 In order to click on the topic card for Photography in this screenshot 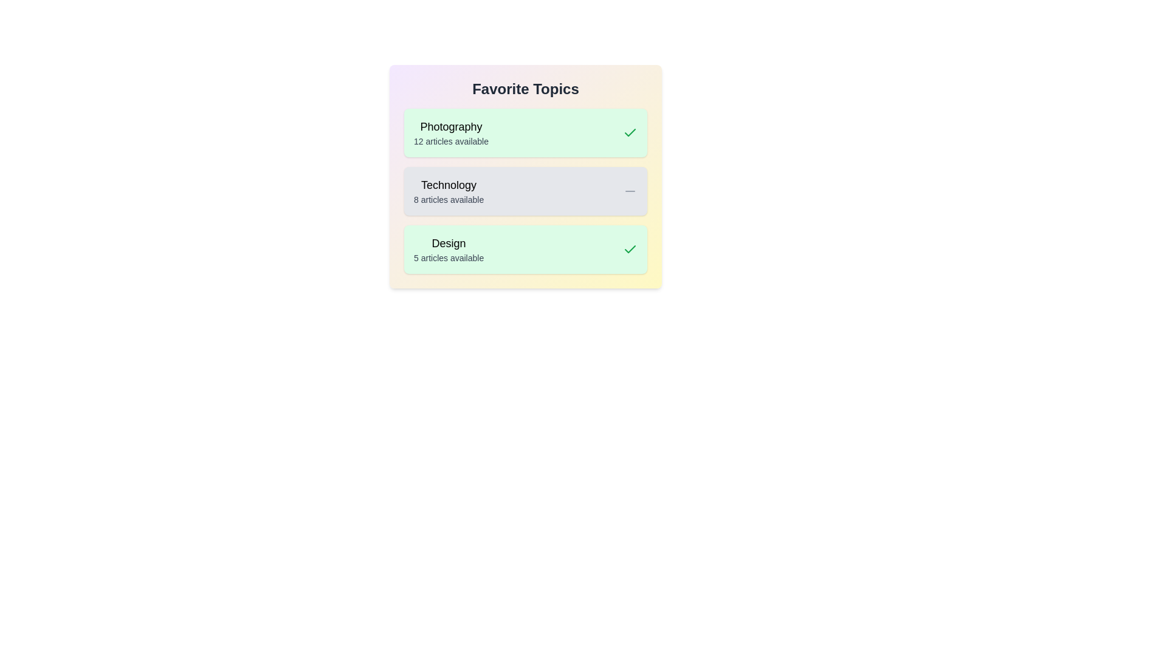, I will do `click(525, 133)`.